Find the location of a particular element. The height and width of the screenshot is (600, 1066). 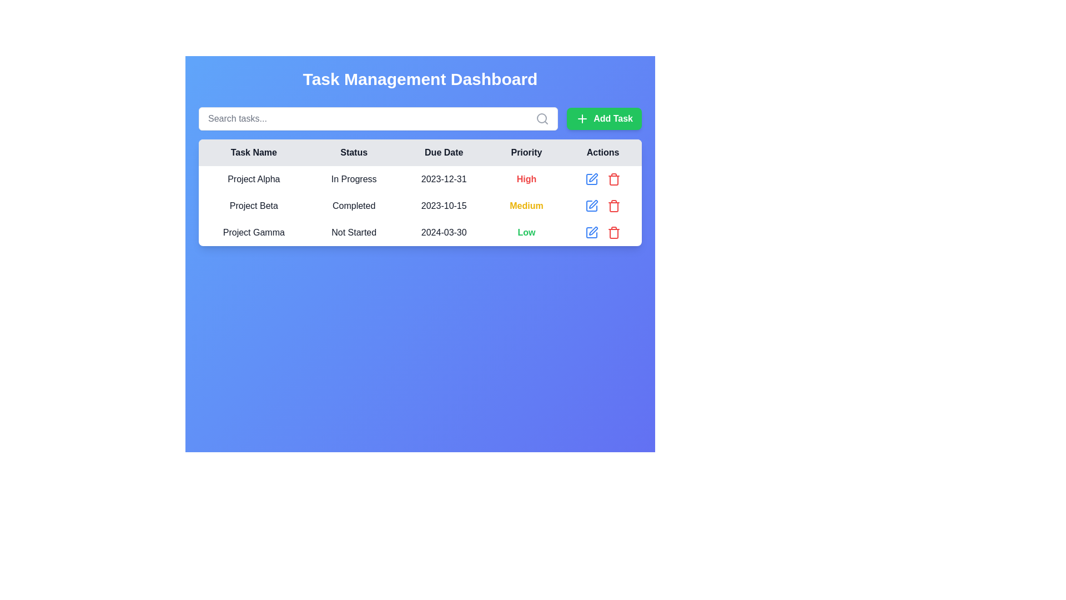

the edit icon in the Actions column of the second row for the item 'Project Beta' is located at coordinates (591, 206).